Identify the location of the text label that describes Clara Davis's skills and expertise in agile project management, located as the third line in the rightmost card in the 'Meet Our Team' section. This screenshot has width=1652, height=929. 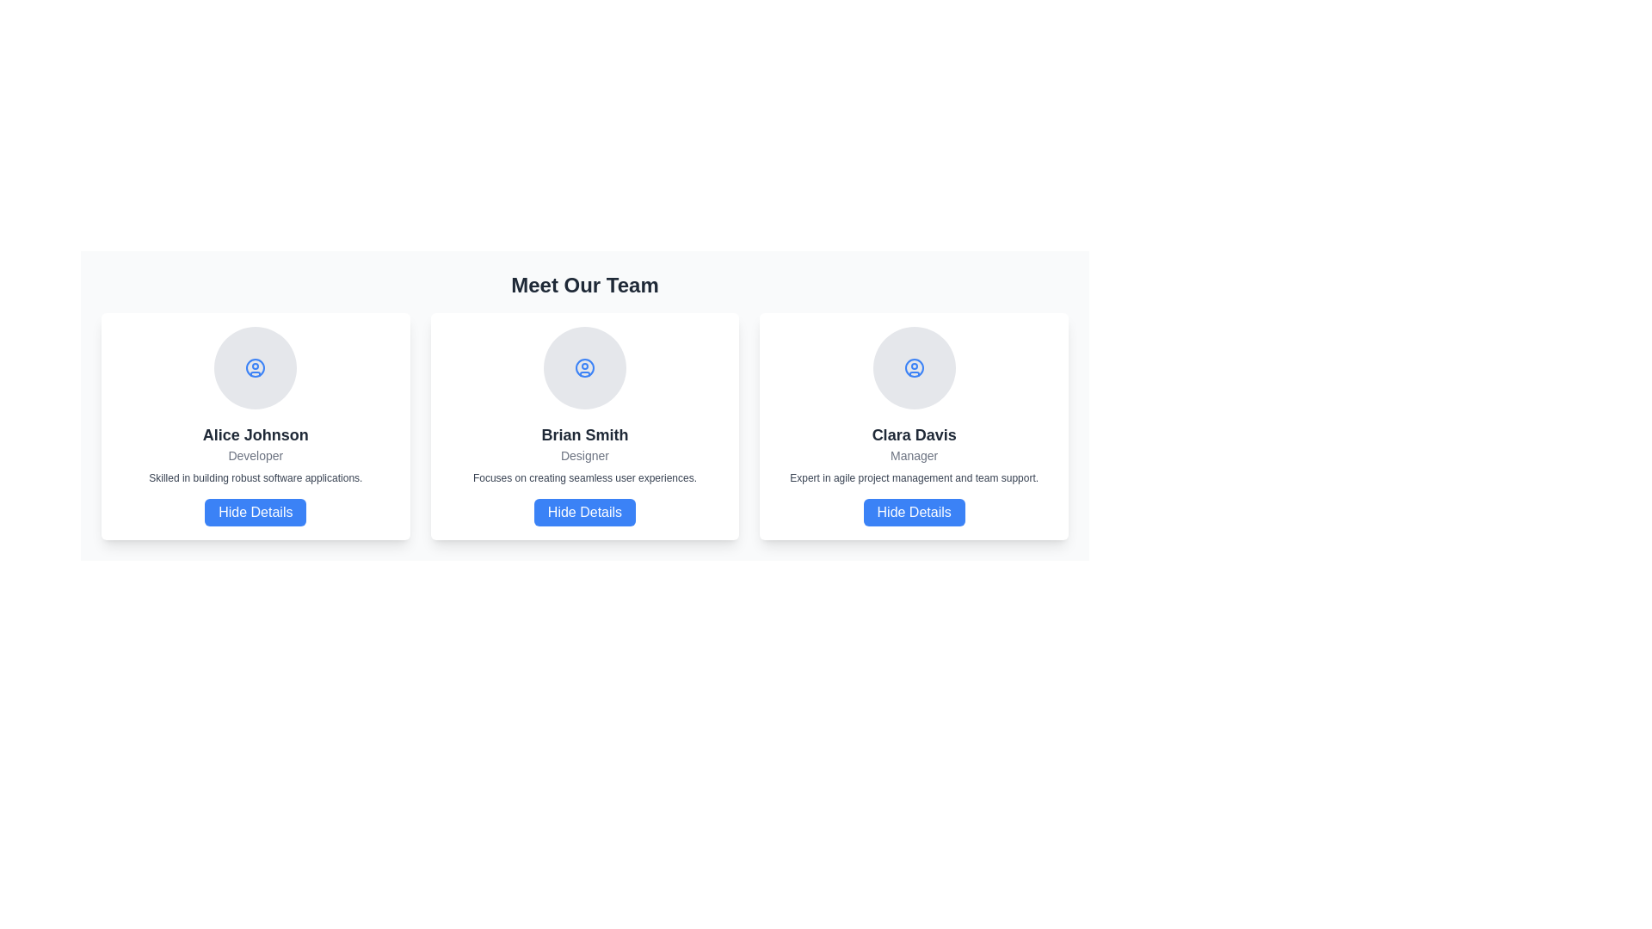
(913, 477).